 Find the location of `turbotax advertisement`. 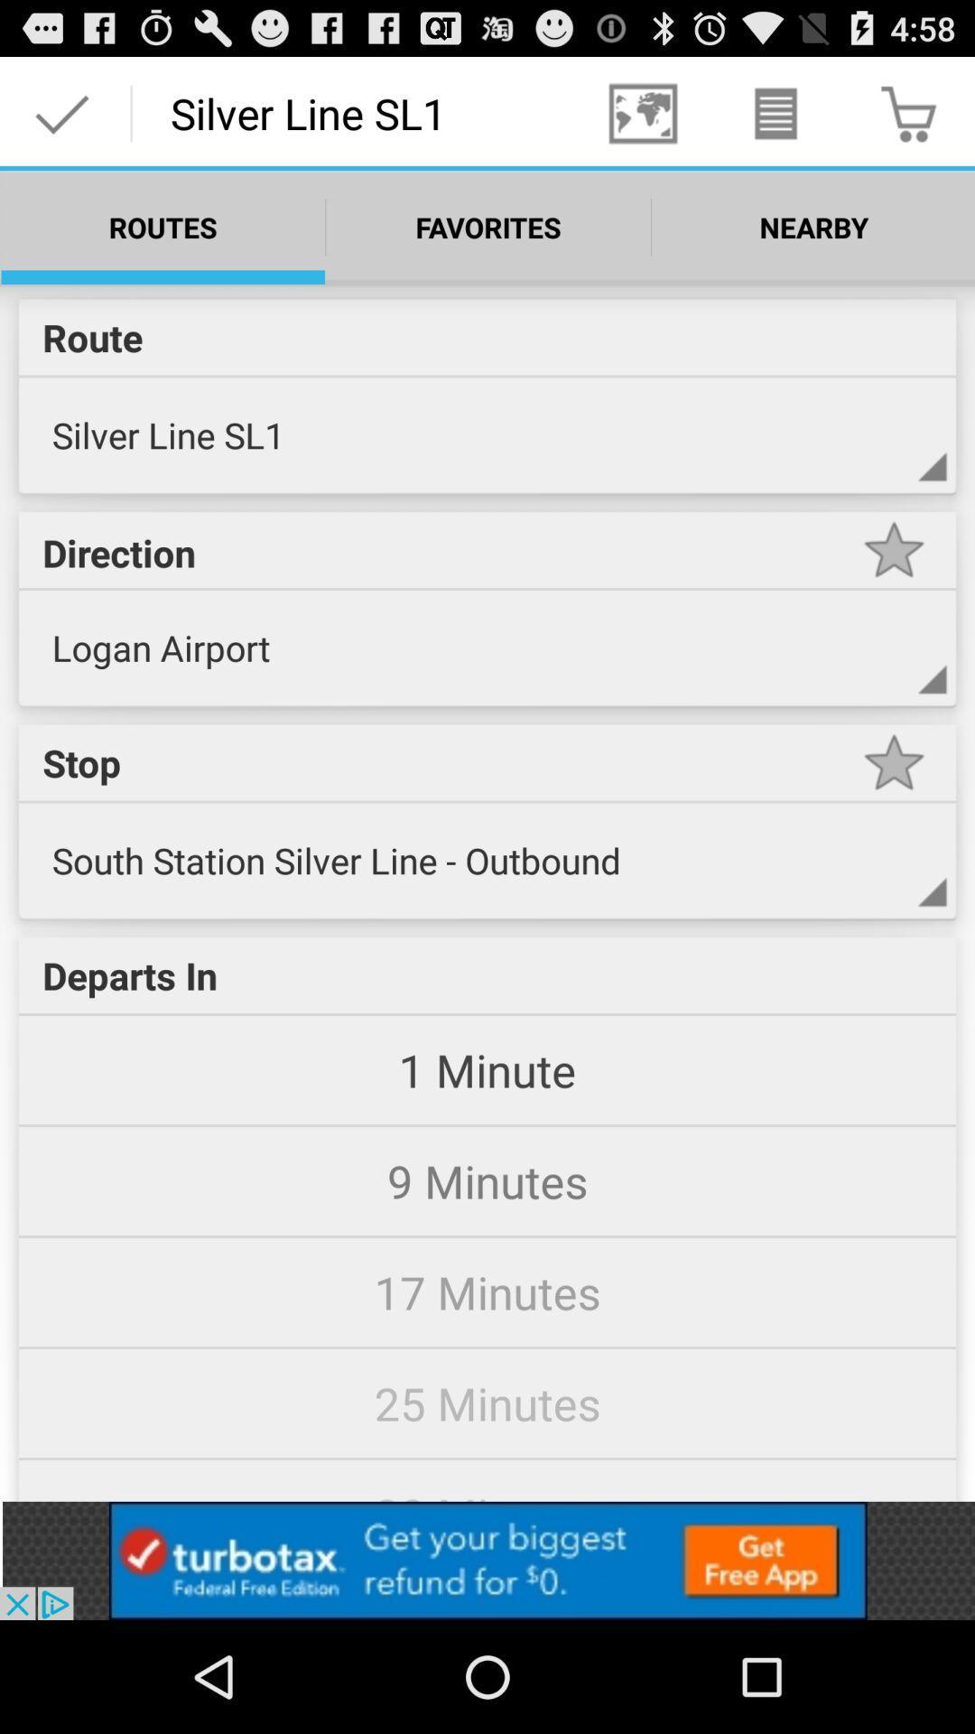

turbotax advertisement is located at coordinates (487, 1560).